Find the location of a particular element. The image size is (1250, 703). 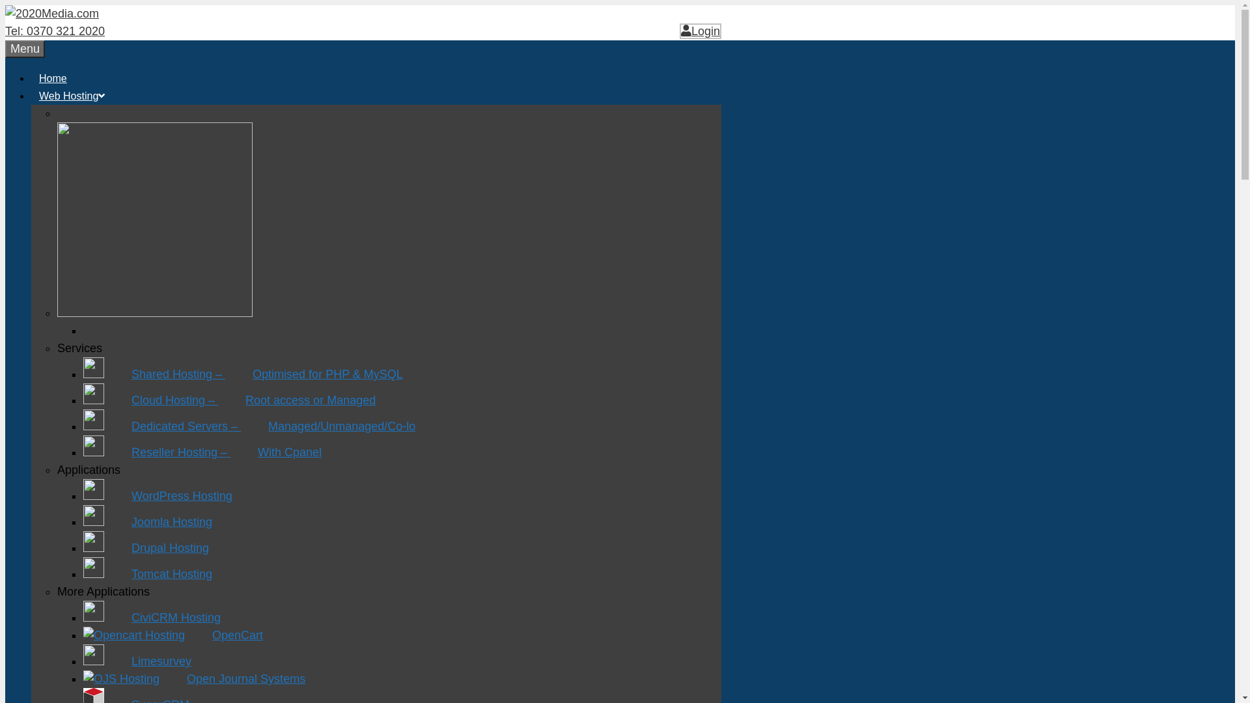

'Web Hosting' is located at coordinates (31, 95).